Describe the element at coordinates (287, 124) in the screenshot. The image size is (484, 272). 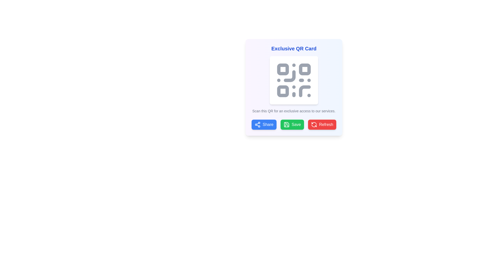
I see `the floppy disk icon on the 'Save' button` at that location.